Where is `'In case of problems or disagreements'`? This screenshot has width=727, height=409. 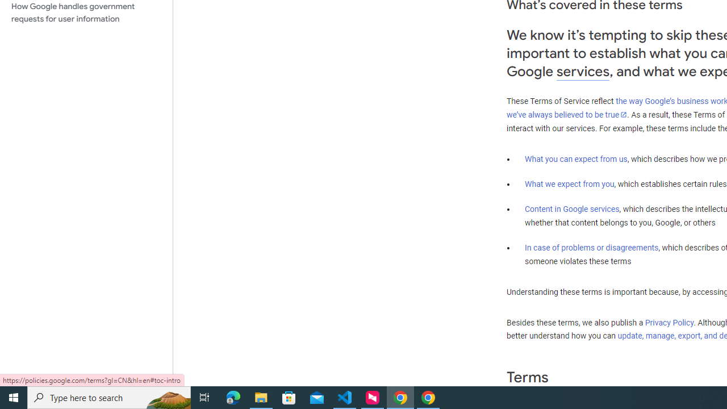 'In case of problems or disagreements' is located at coordinates (591, 247).